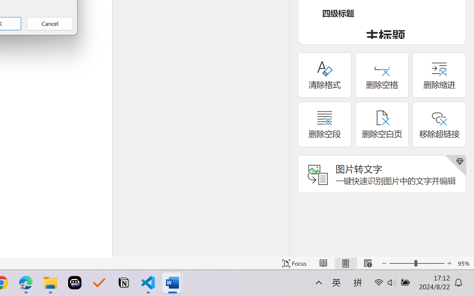 The image size is (474, 296). What do you see at coordinates (464, 263) in the screenshot?
I see `'Zoom 95%'` at bounding box center [464, 263].